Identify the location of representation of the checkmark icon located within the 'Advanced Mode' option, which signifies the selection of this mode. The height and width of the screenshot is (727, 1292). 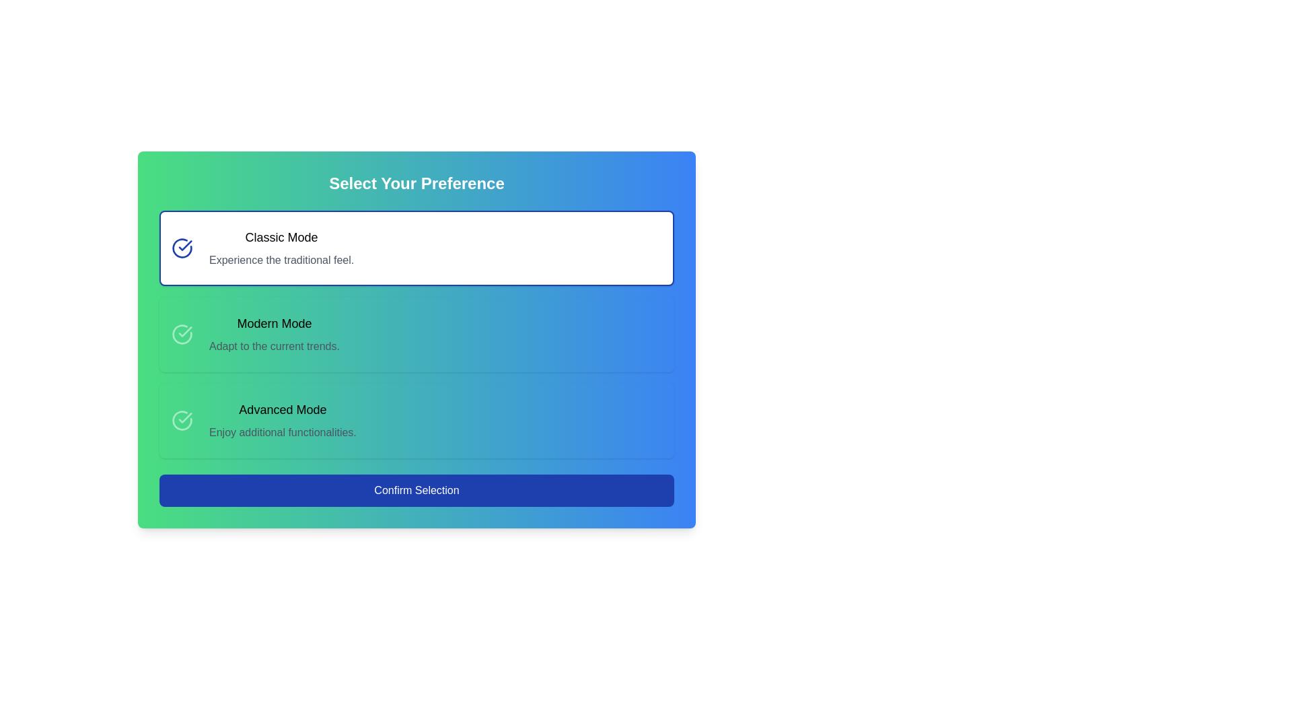
(184, 332).